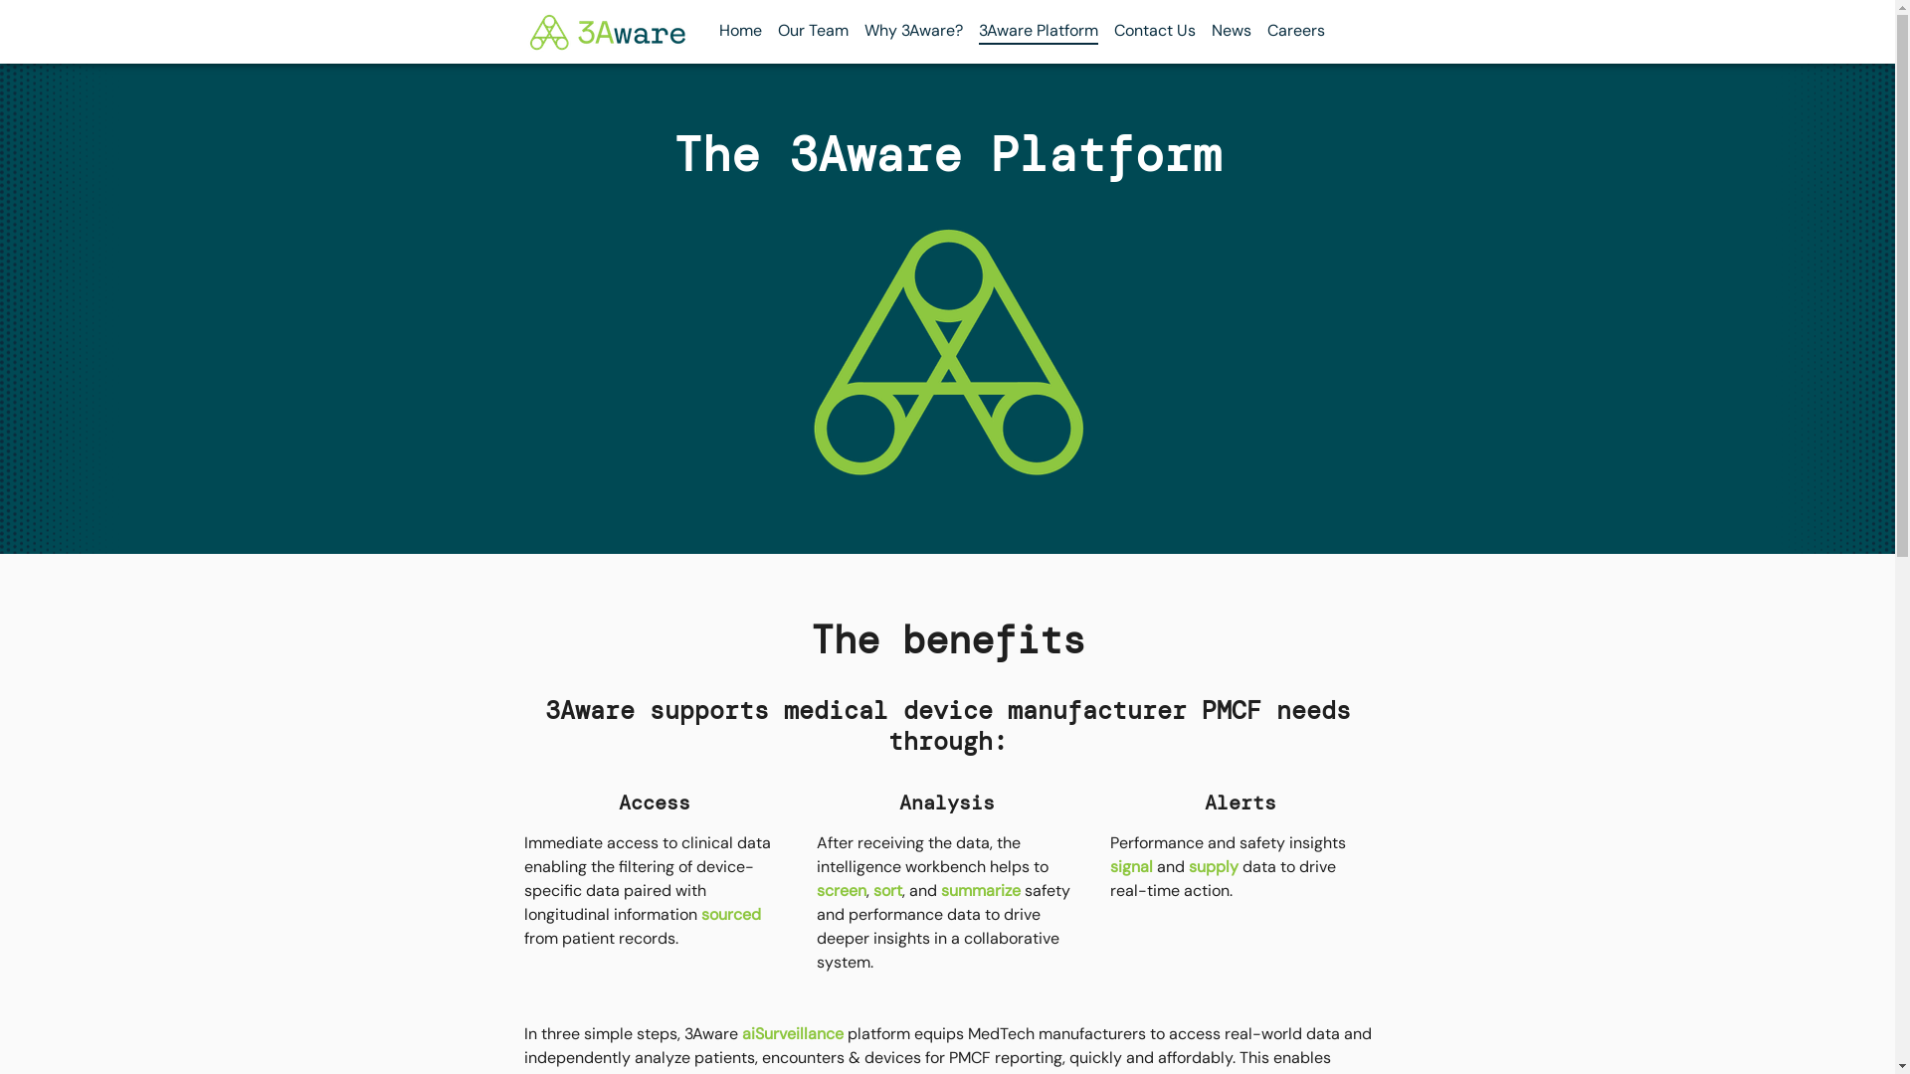 The width and height of the screenshot is (1910, 1074). What do you see at coordinates (911, 30) in the screenshot?
I see `'Why 3Aware?'` at bounding box center [911, 30].